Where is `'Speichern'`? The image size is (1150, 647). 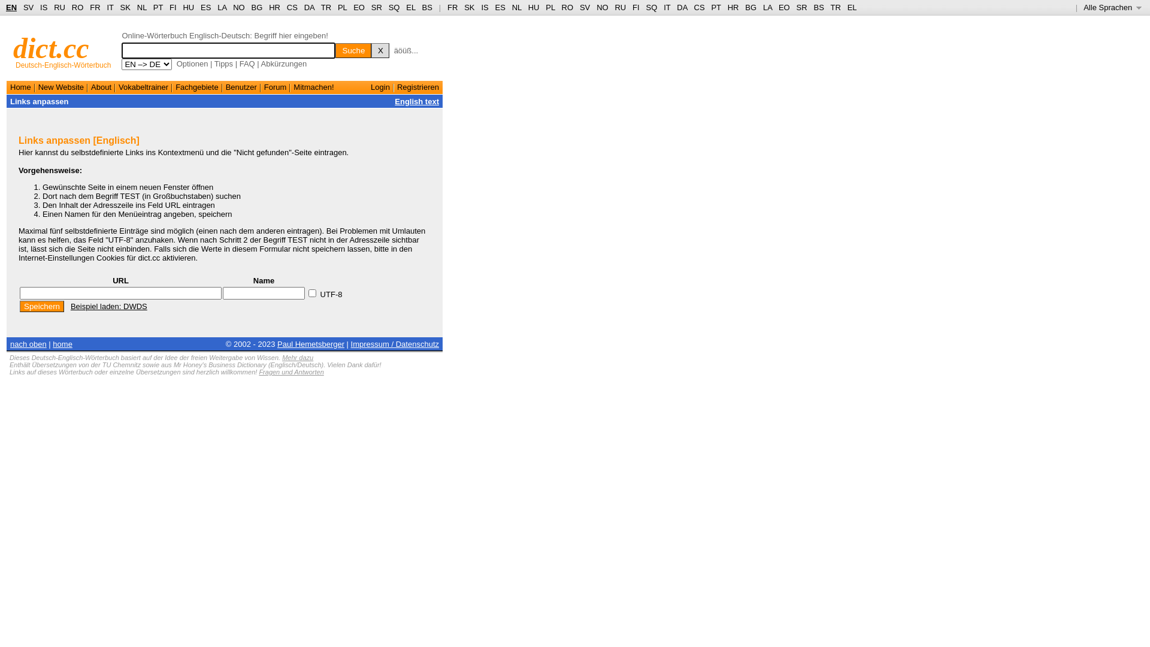
'Speichern' is located at coordinates (42, 306).